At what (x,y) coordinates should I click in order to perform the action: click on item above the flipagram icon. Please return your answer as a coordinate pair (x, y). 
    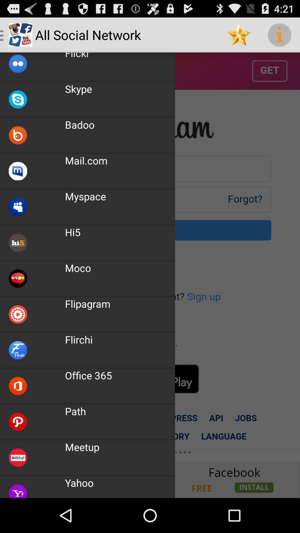
    Looking at the image, I should click on (78, 268).